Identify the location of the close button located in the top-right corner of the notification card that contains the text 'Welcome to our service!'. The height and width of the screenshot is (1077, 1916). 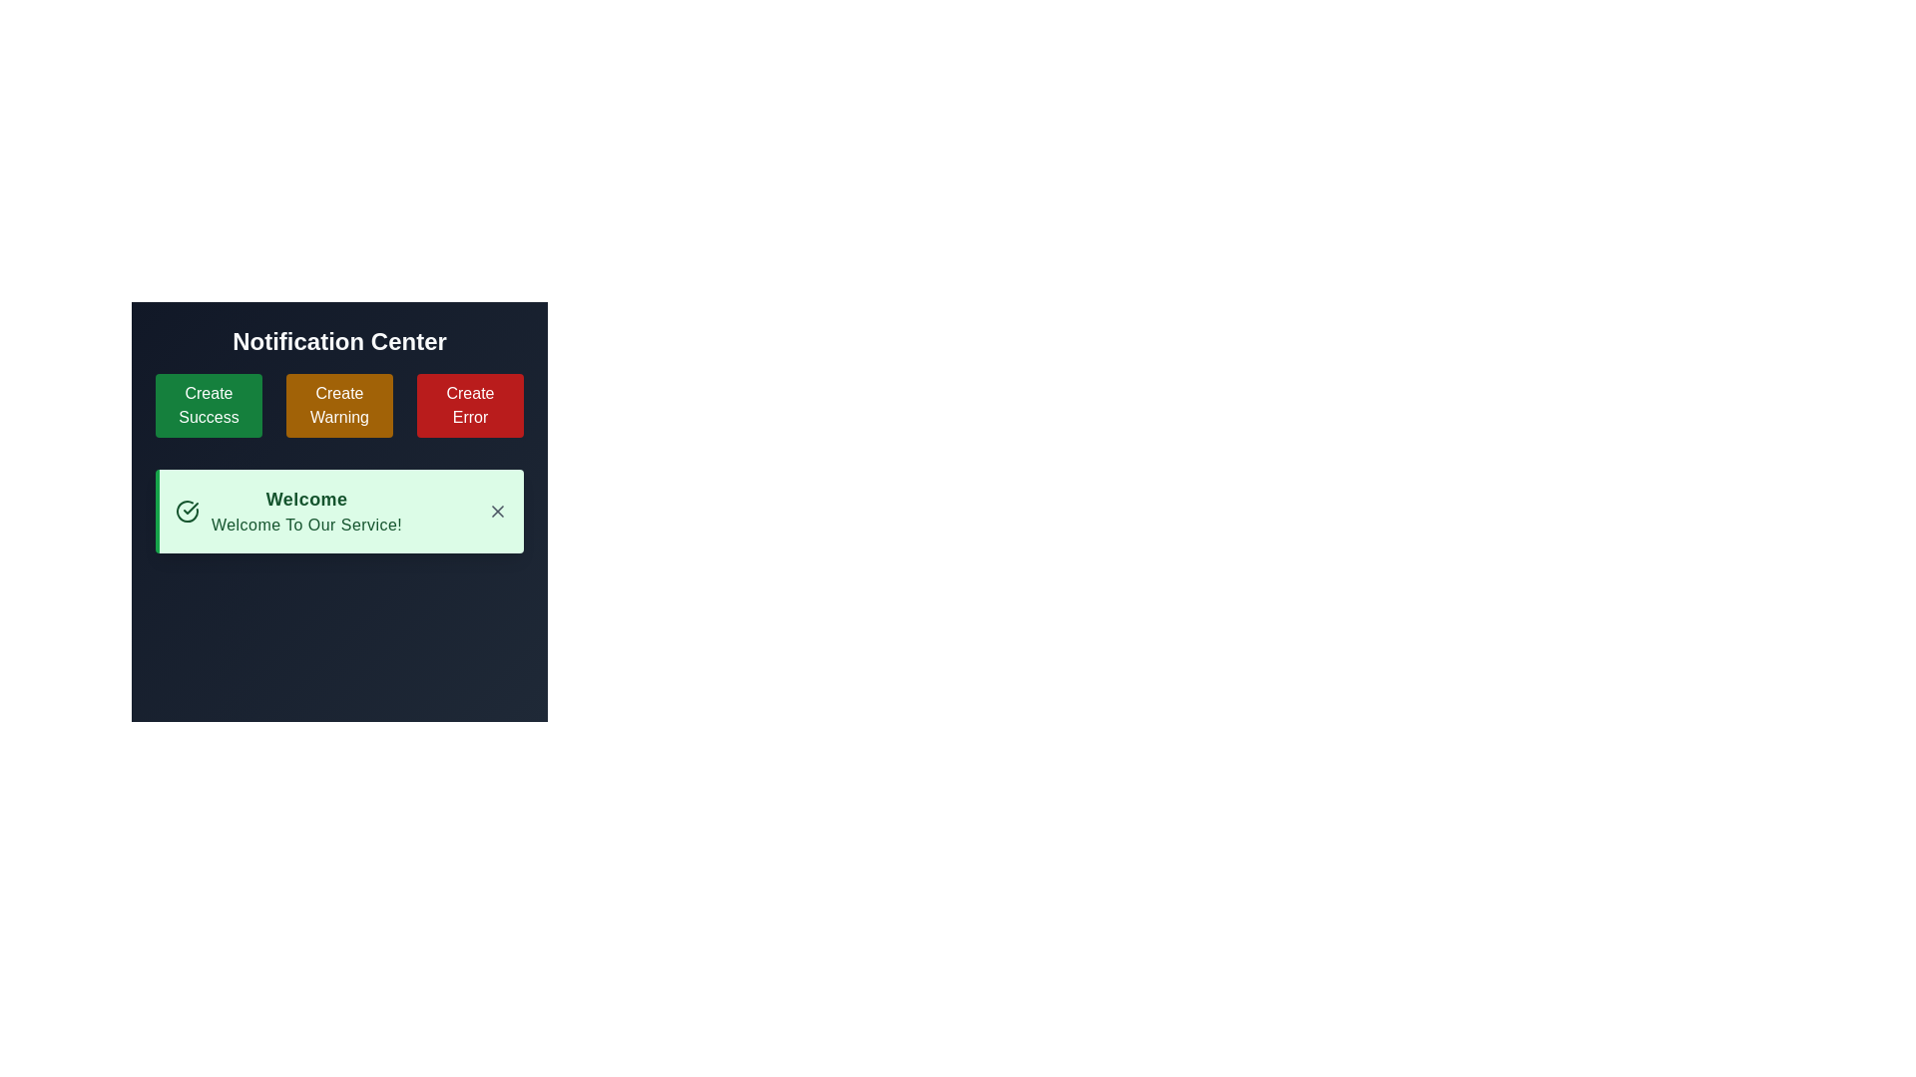
(498, 511).